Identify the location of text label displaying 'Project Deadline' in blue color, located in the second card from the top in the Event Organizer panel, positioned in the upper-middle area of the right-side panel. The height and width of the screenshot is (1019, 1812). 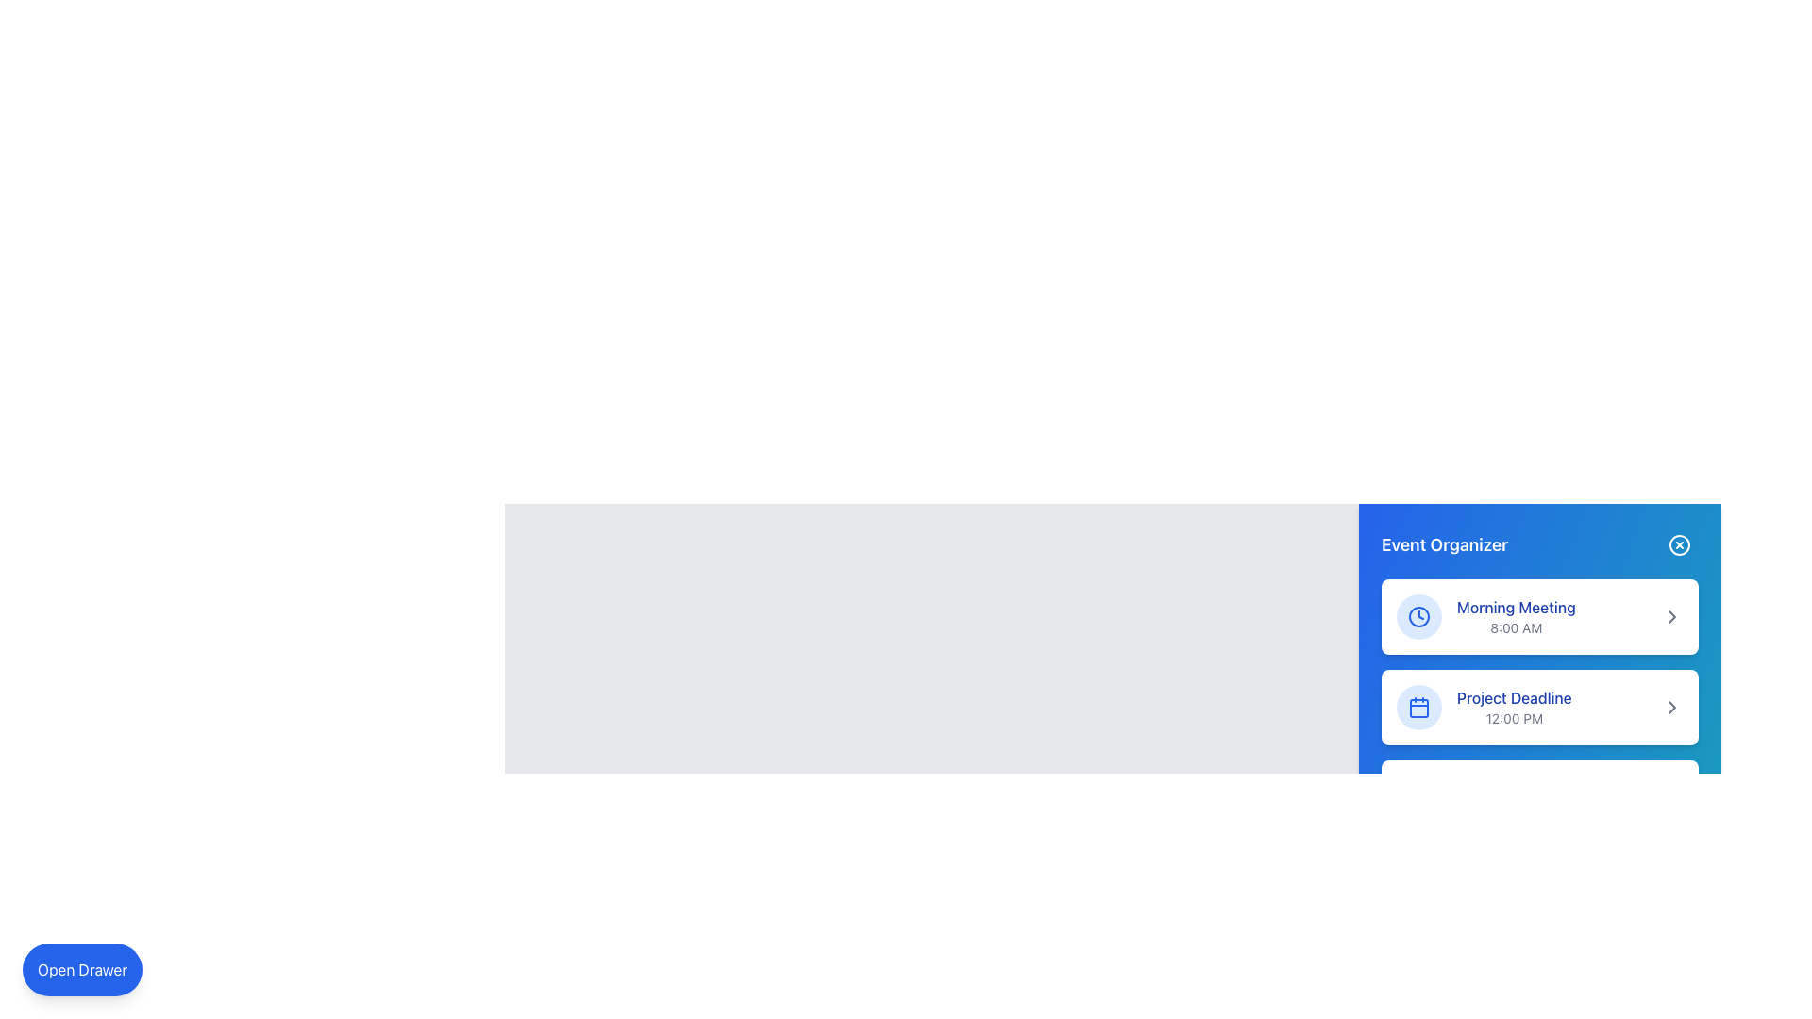
(1514, 698).